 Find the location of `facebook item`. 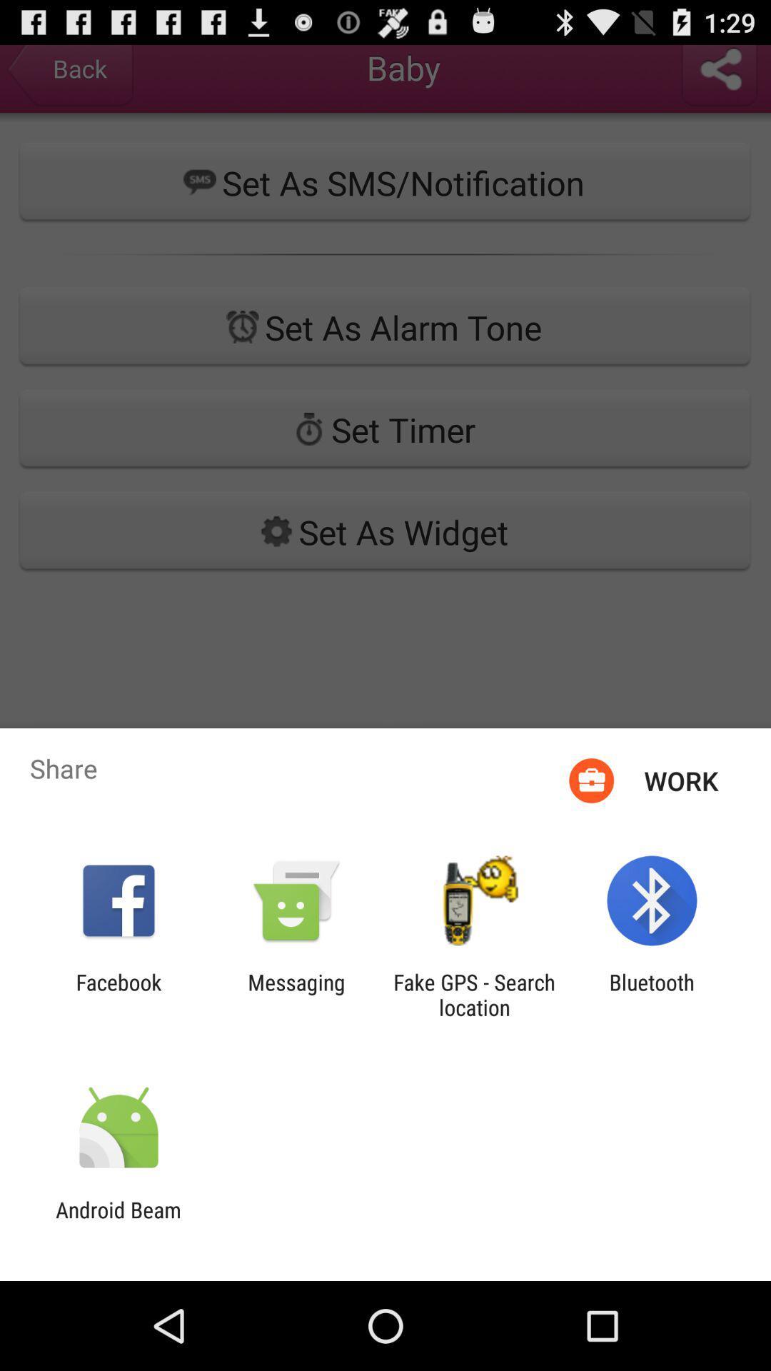

facebook item is located at coordinates (118, 994).